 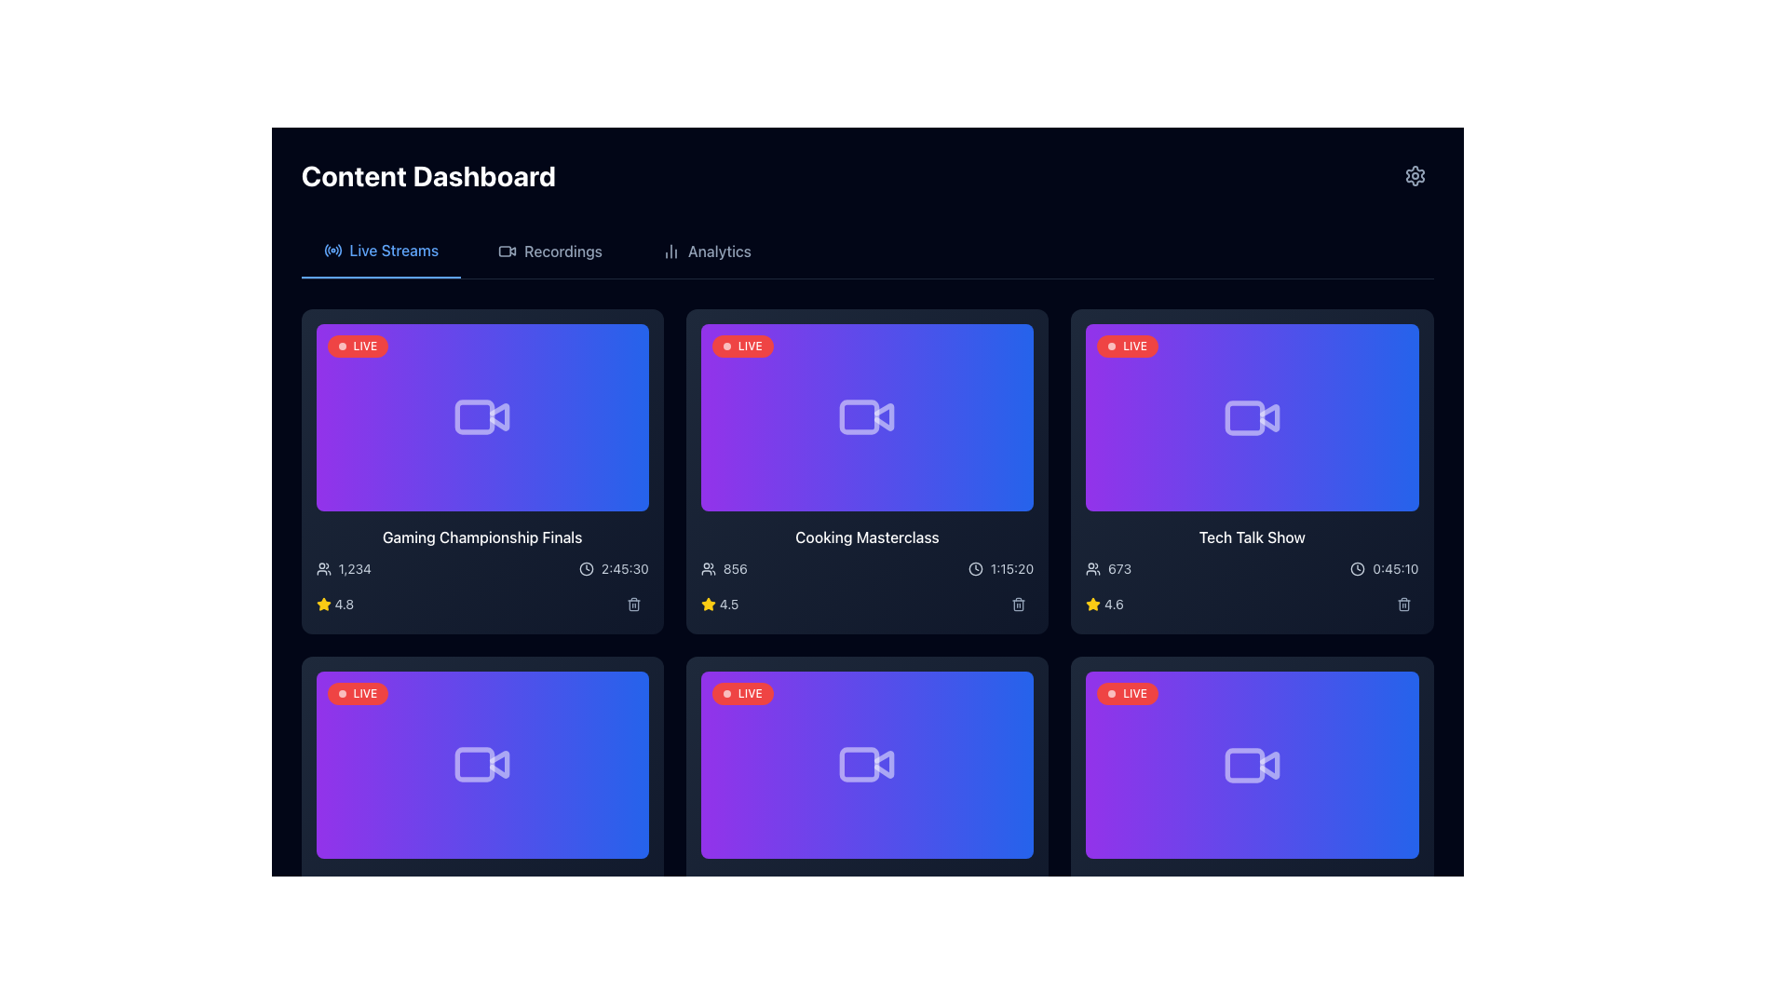 What do you see at coordinates (323, 567) in the screenshot?
I see `the user count icon located near the bottom-left corner of the first card in the grid, just to the left of the numerical text '1,234'` at bounding box center [323, 567].